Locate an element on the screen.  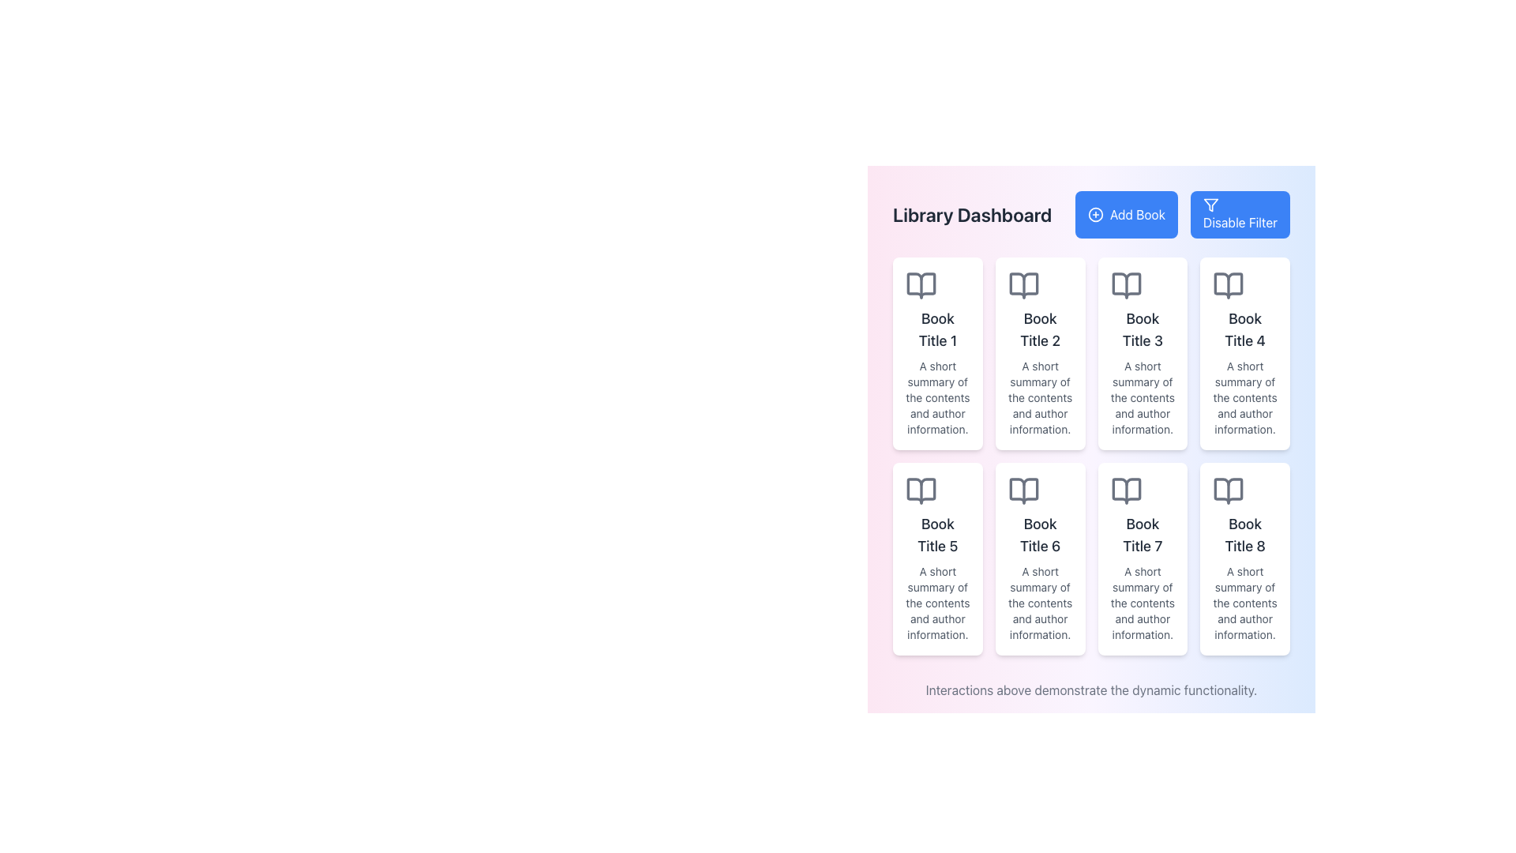
the text label displaying 'Book Title 4' which is styled with a larger bold font in dark gray, located in the top-right corner of a book card is located at coordinates (1244, 329).